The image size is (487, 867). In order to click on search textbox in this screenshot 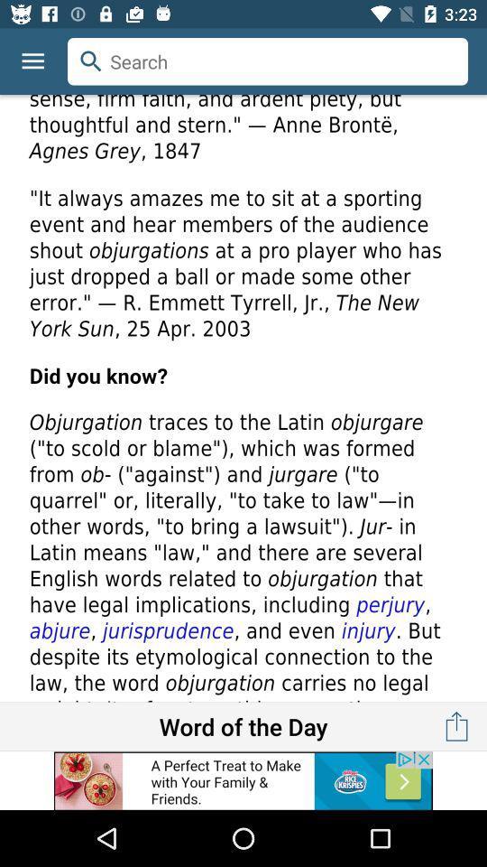, I will do `click(267, 61)`.